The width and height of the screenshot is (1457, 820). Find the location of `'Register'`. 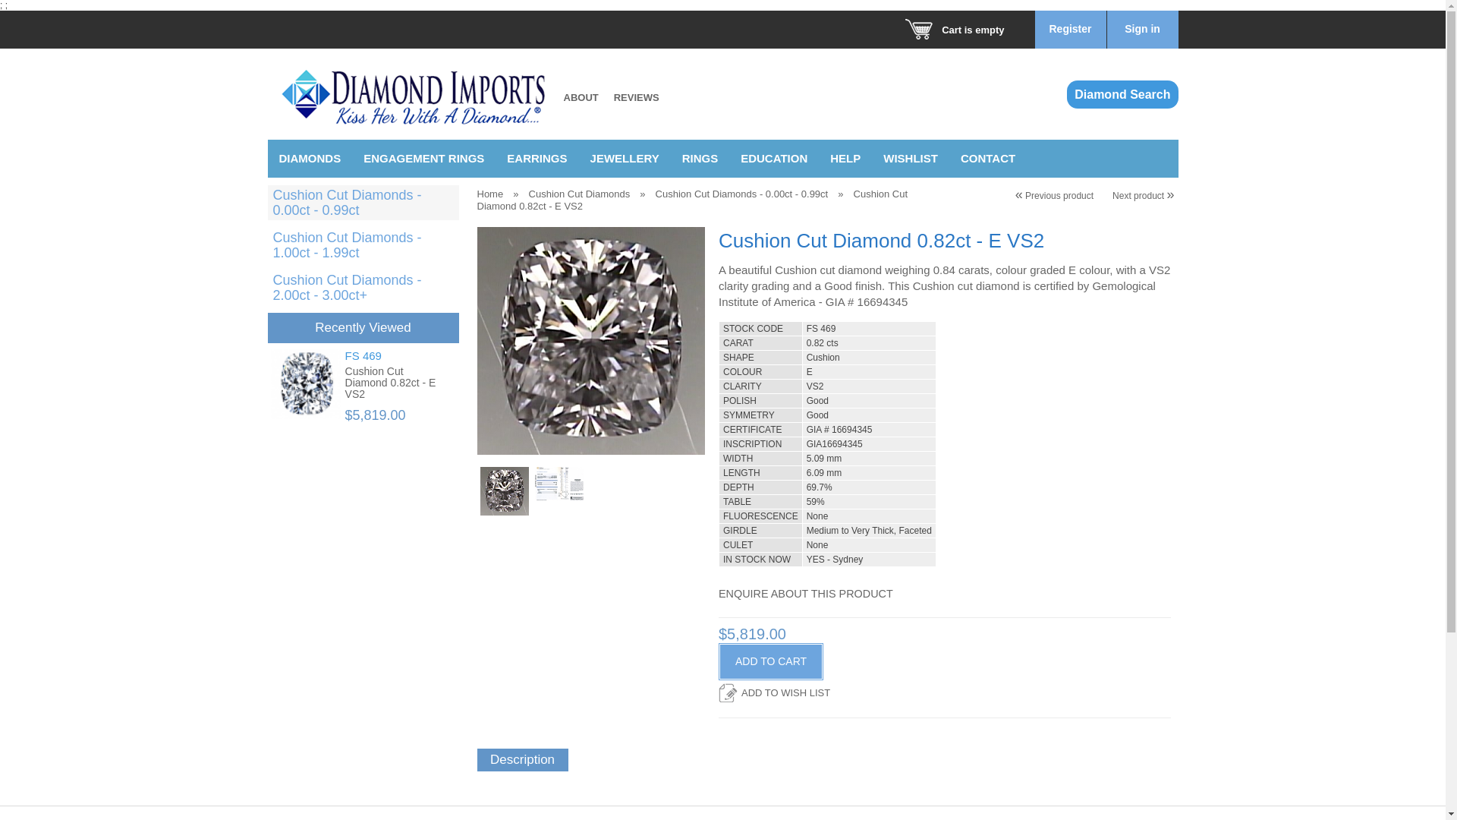

'Register' is located at coordinates (1048, 29).